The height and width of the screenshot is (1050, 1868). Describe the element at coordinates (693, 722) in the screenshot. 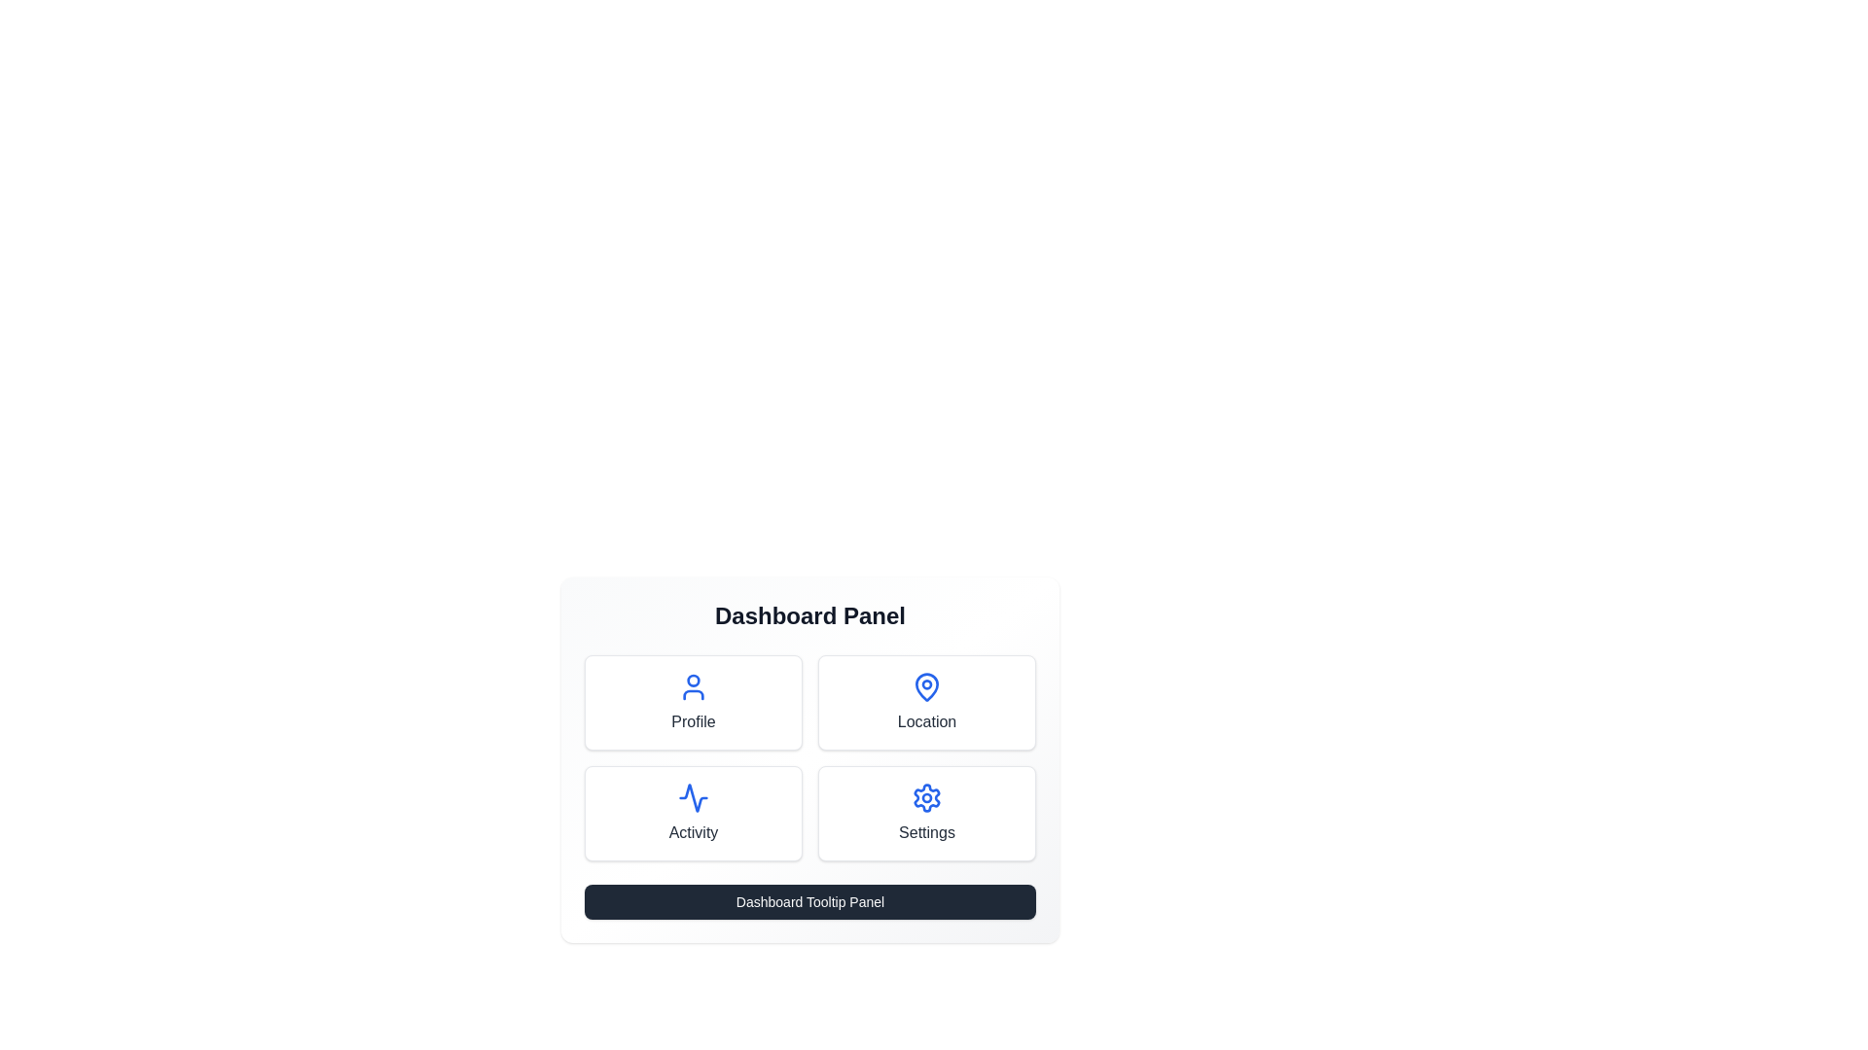

I see `the static text label displaying the word 'Profile', which is styled in gray and located below a user icon in the upper-left of a dashboard panel` at that location.